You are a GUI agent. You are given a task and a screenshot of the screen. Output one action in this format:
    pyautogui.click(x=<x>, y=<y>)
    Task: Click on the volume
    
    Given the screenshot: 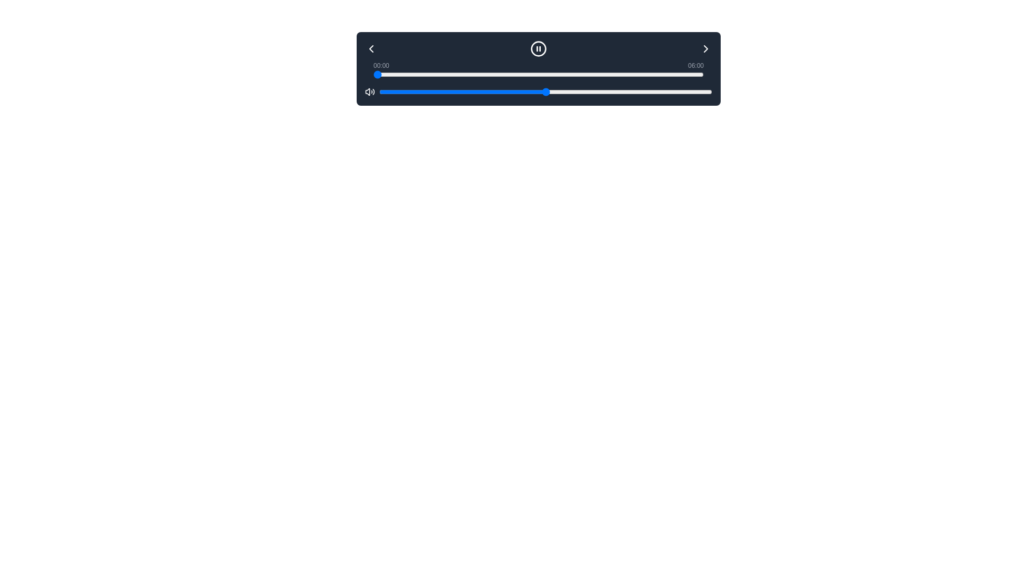 What is the action you would take?
    pyautogui.click(x=588, y=91)
    